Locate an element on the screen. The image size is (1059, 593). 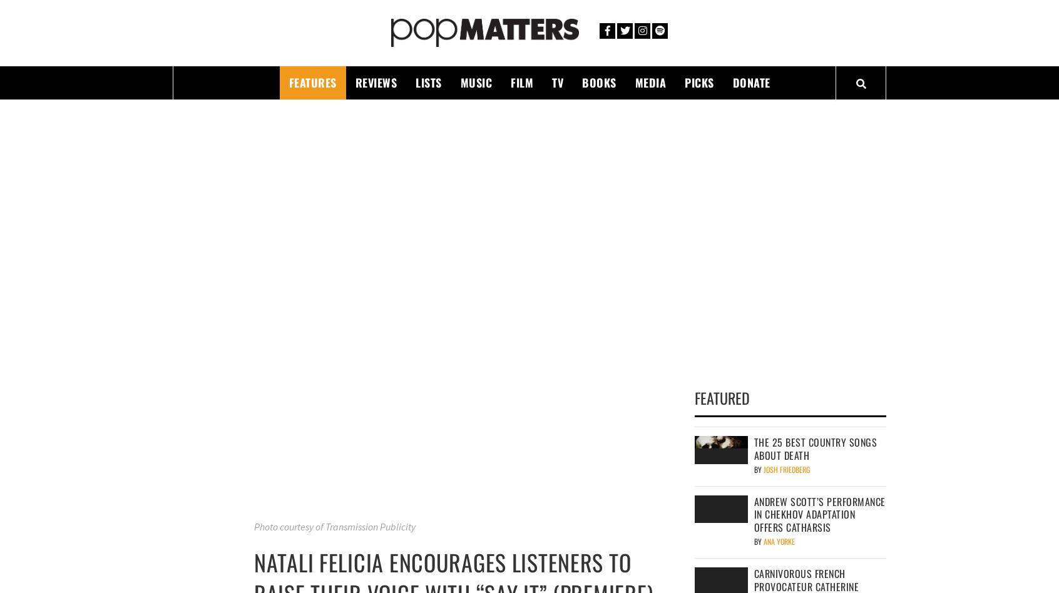
'Media' is located at coordinates (634, 81).